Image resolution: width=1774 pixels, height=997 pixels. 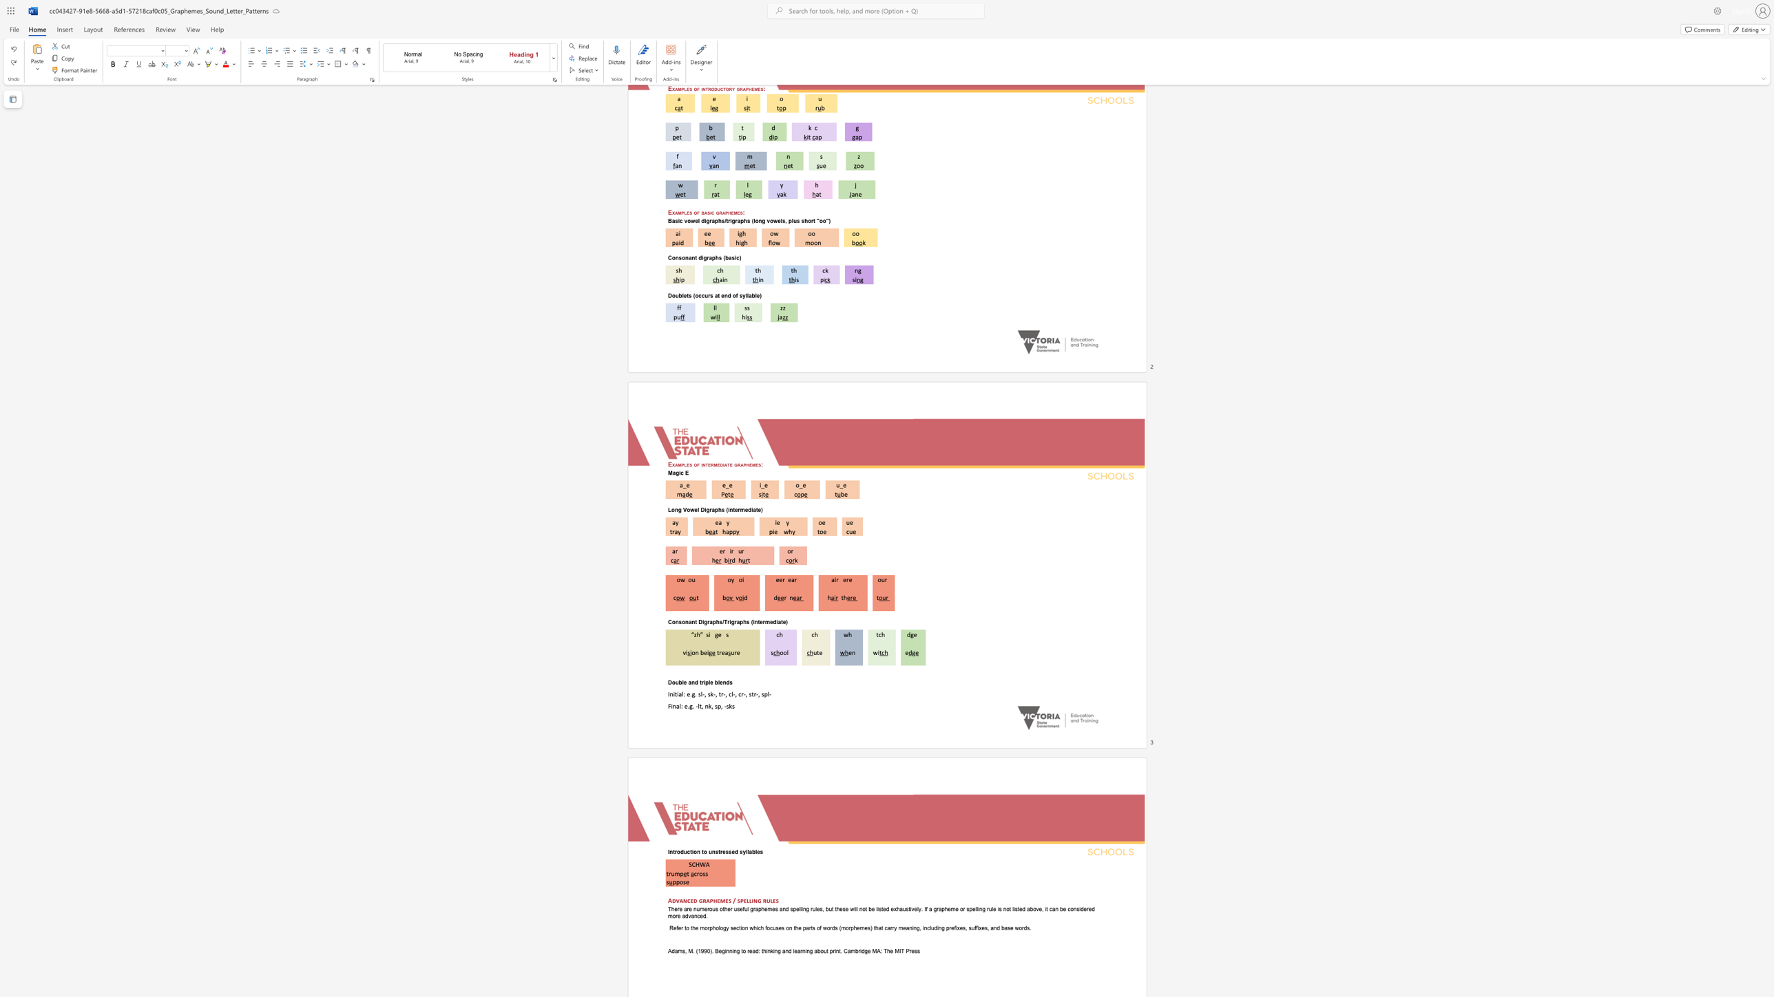 I want to click on the space between the continuous character "e" and "r" in the text, so click(x=722, y=551).